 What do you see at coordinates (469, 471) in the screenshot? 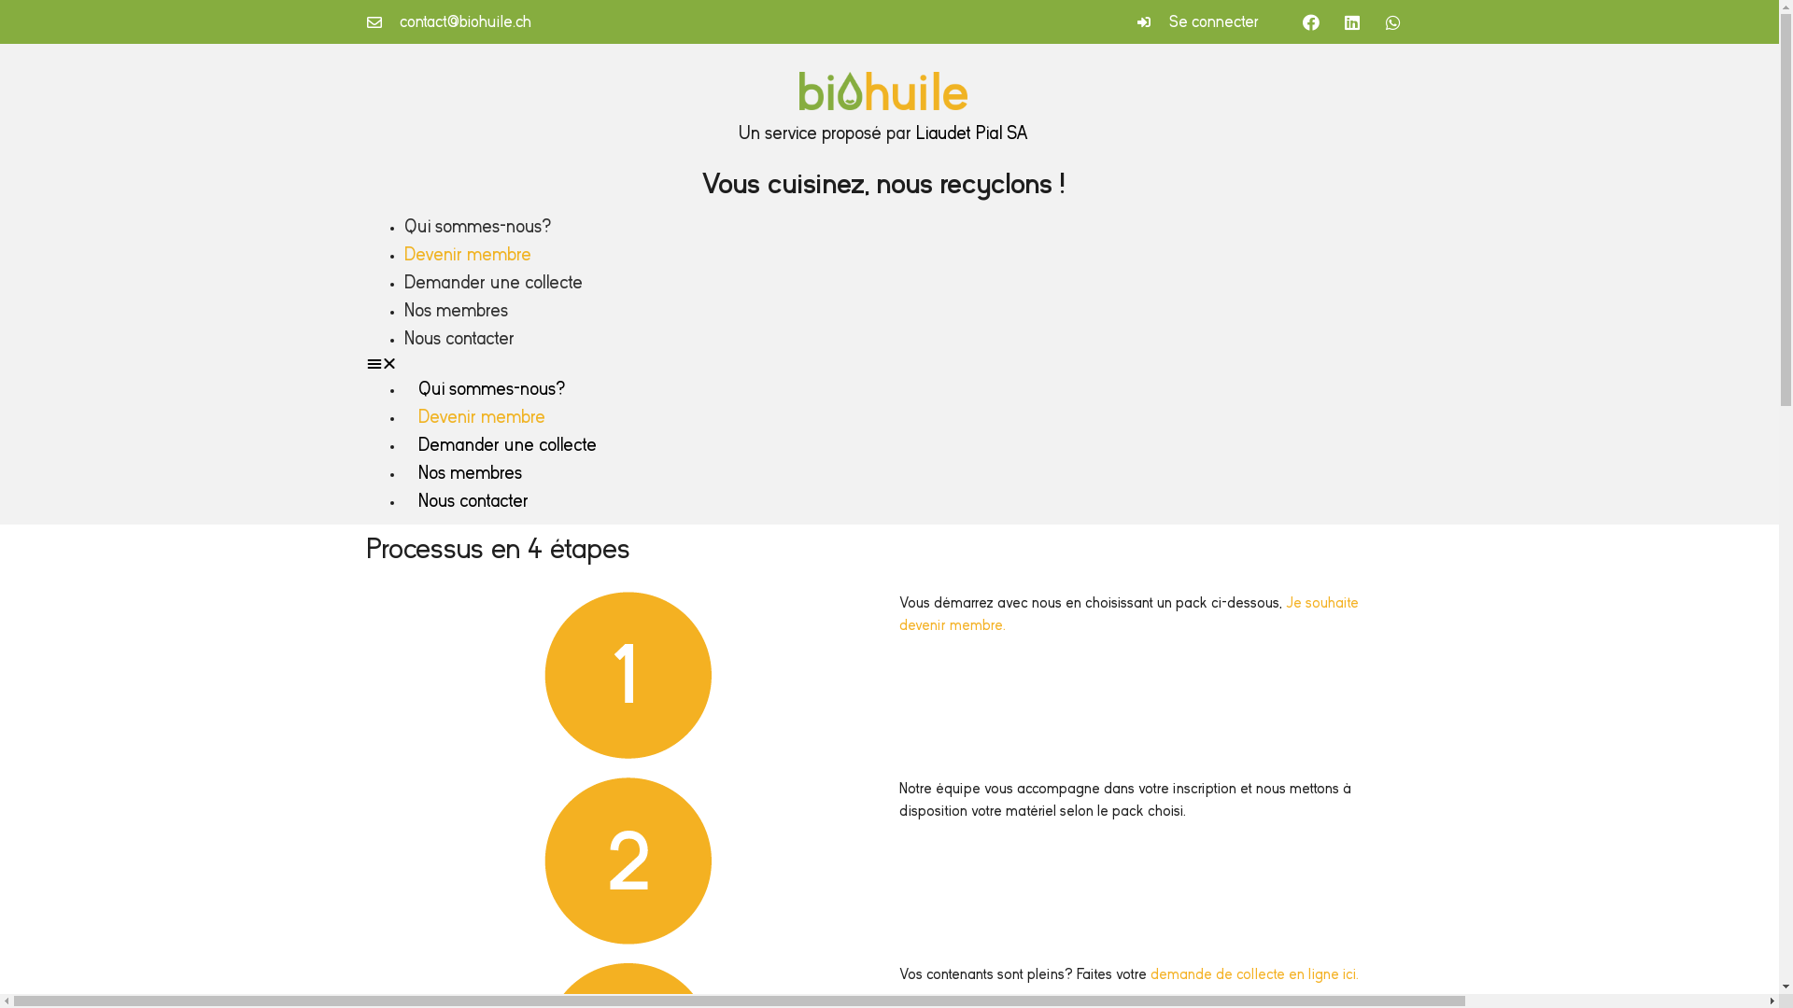
I see `'Nos membres'` at bounding box center [469, 471].